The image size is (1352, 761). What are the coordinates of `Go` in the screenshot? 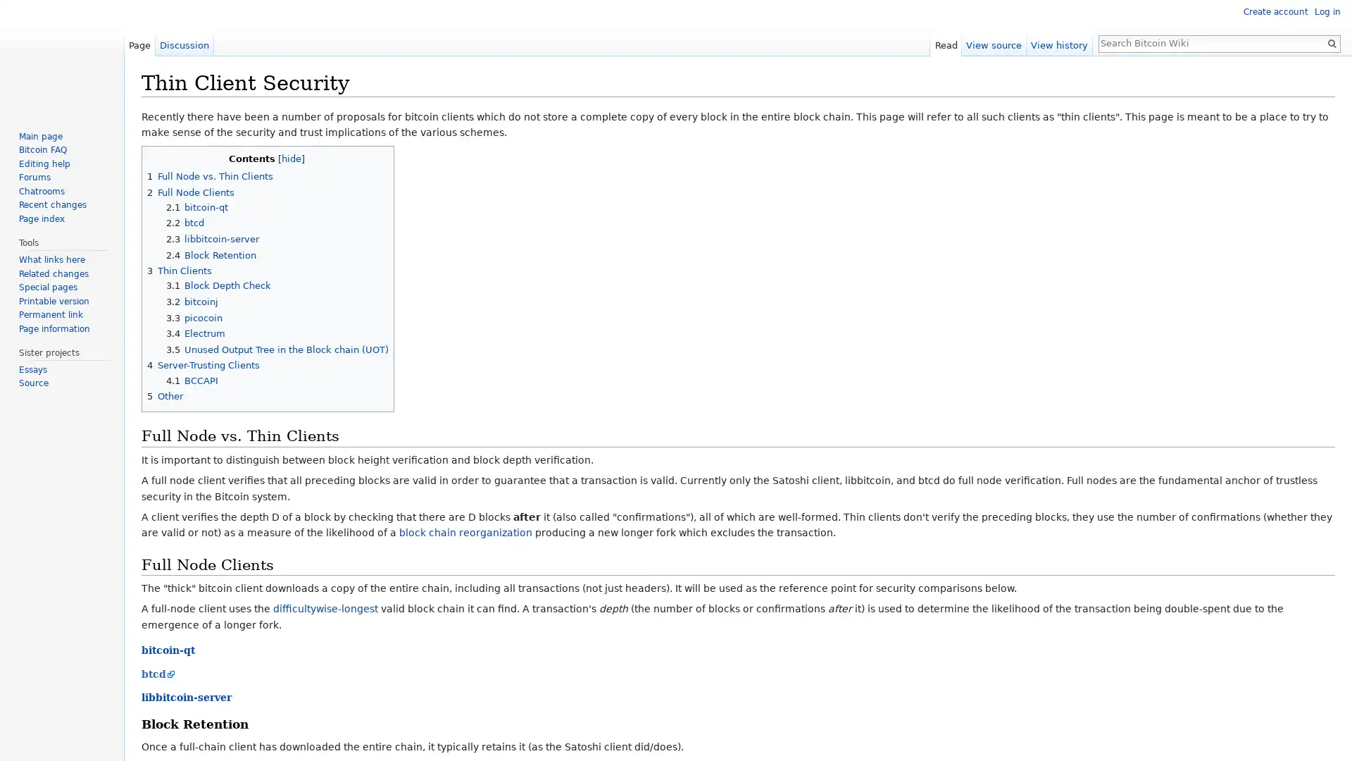 It's located at (1331, 42).